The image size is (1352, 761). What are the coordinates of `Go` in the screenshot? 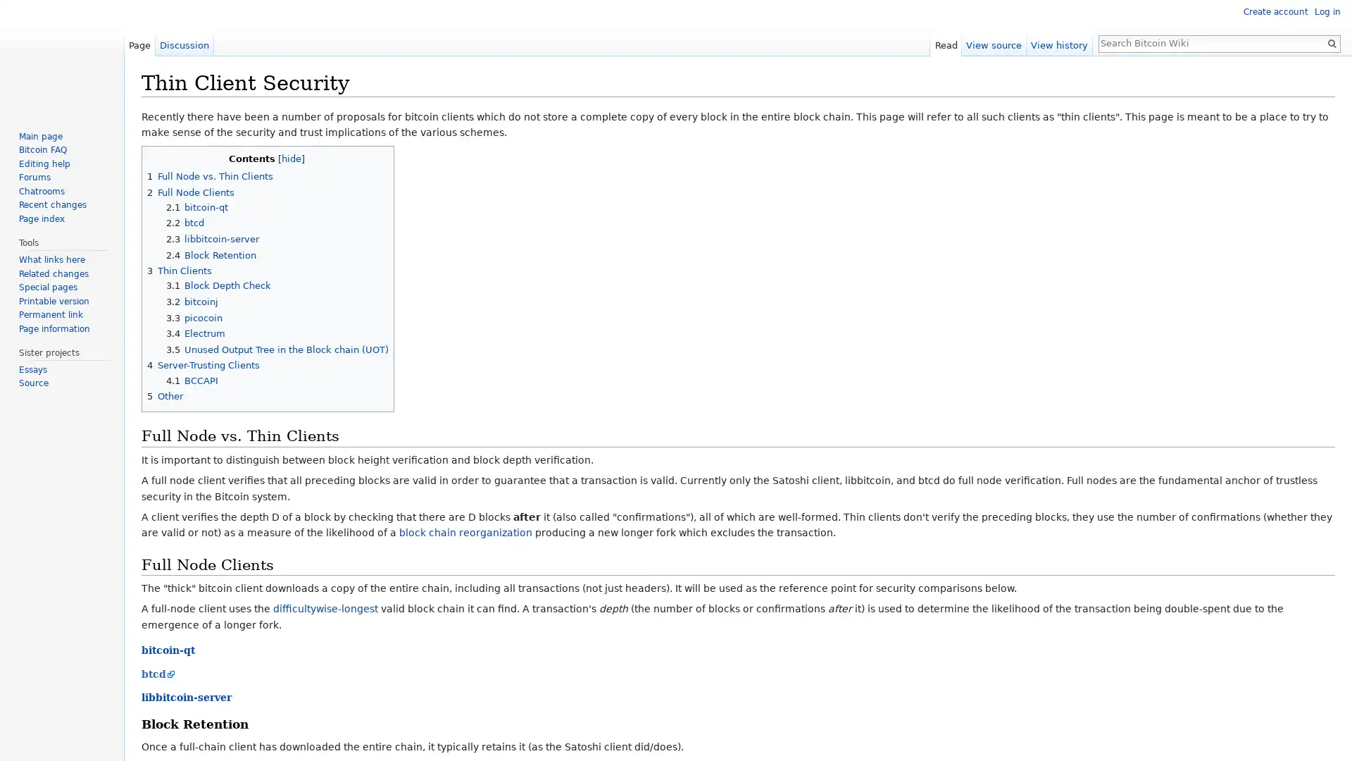 It's located at (1331, 42).